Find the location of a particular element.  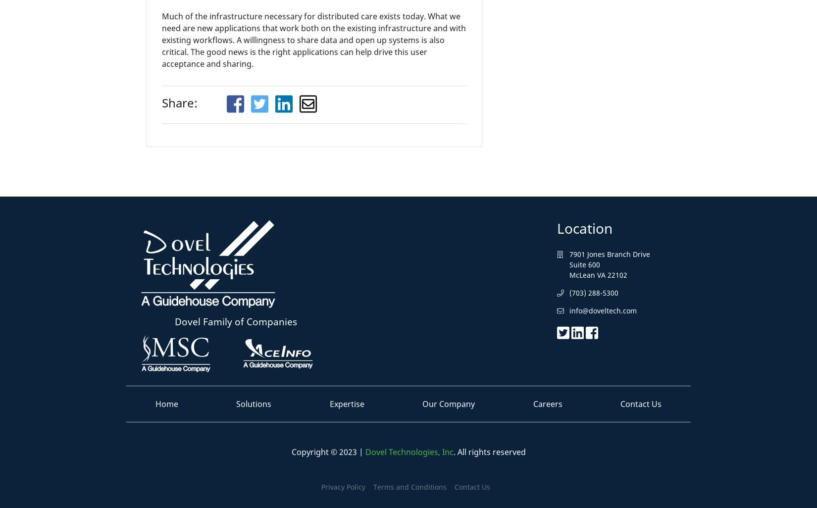

'Privacy Policy' is located at coordinates (320, 486).